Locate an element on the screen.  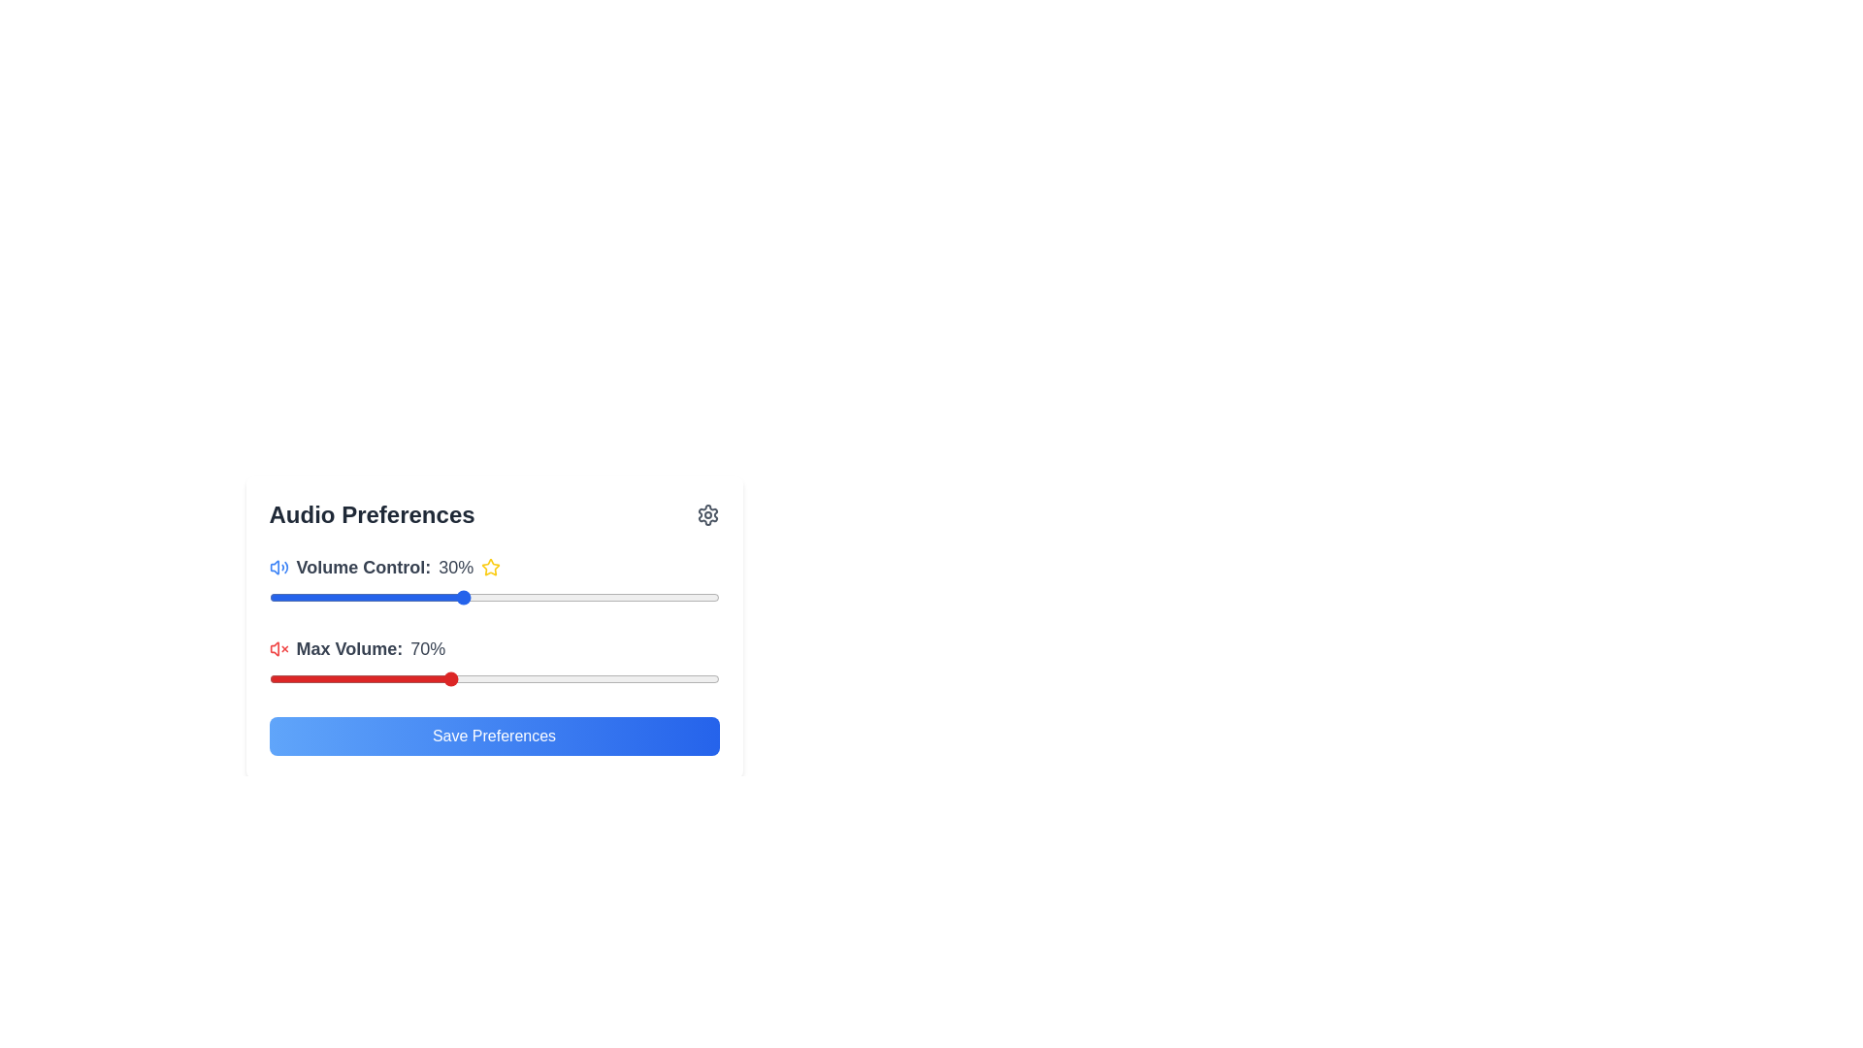
value displayed in the text label showing '30%' next to the 'Volume Control:' label in the 'Audio Preferences' section is located at coordinates (455, 568).